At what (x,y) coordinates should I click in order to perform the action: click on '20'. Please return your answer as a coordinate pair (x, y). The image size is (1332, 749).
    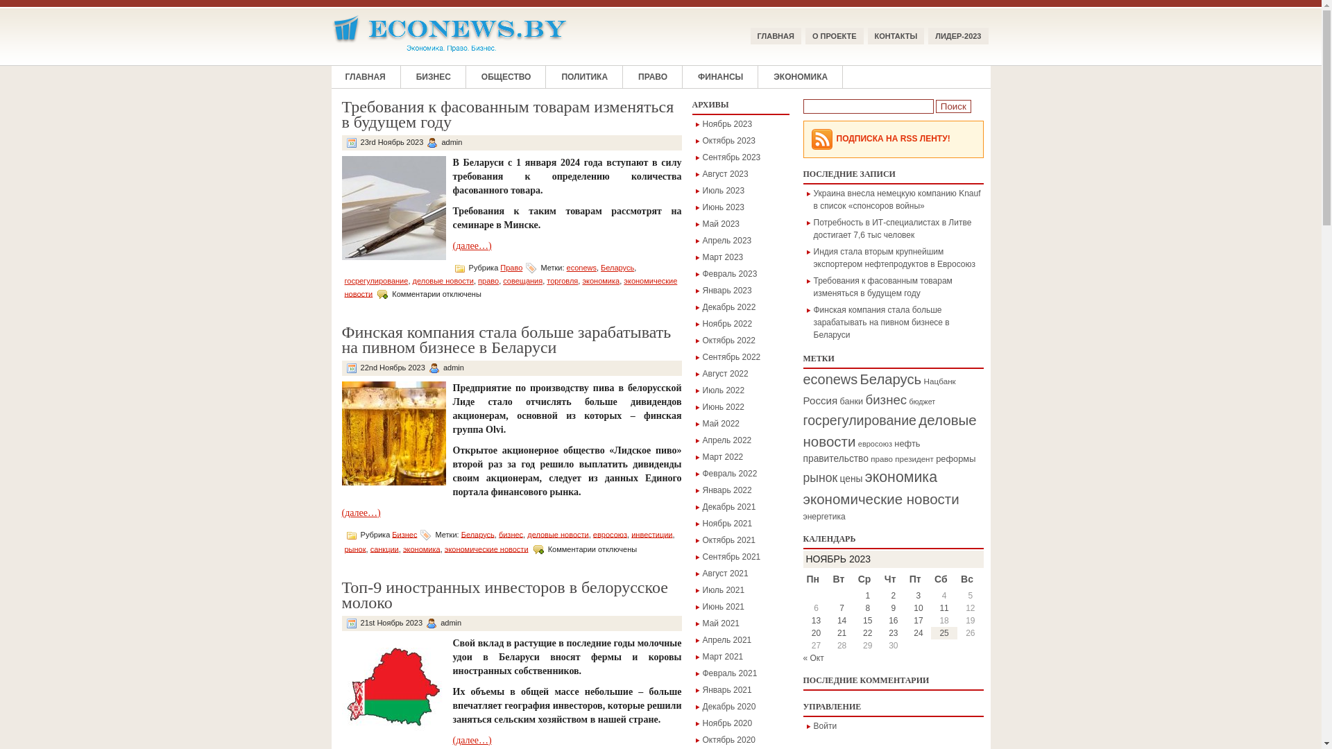
    Looking at the image, I should click on (816, 633).